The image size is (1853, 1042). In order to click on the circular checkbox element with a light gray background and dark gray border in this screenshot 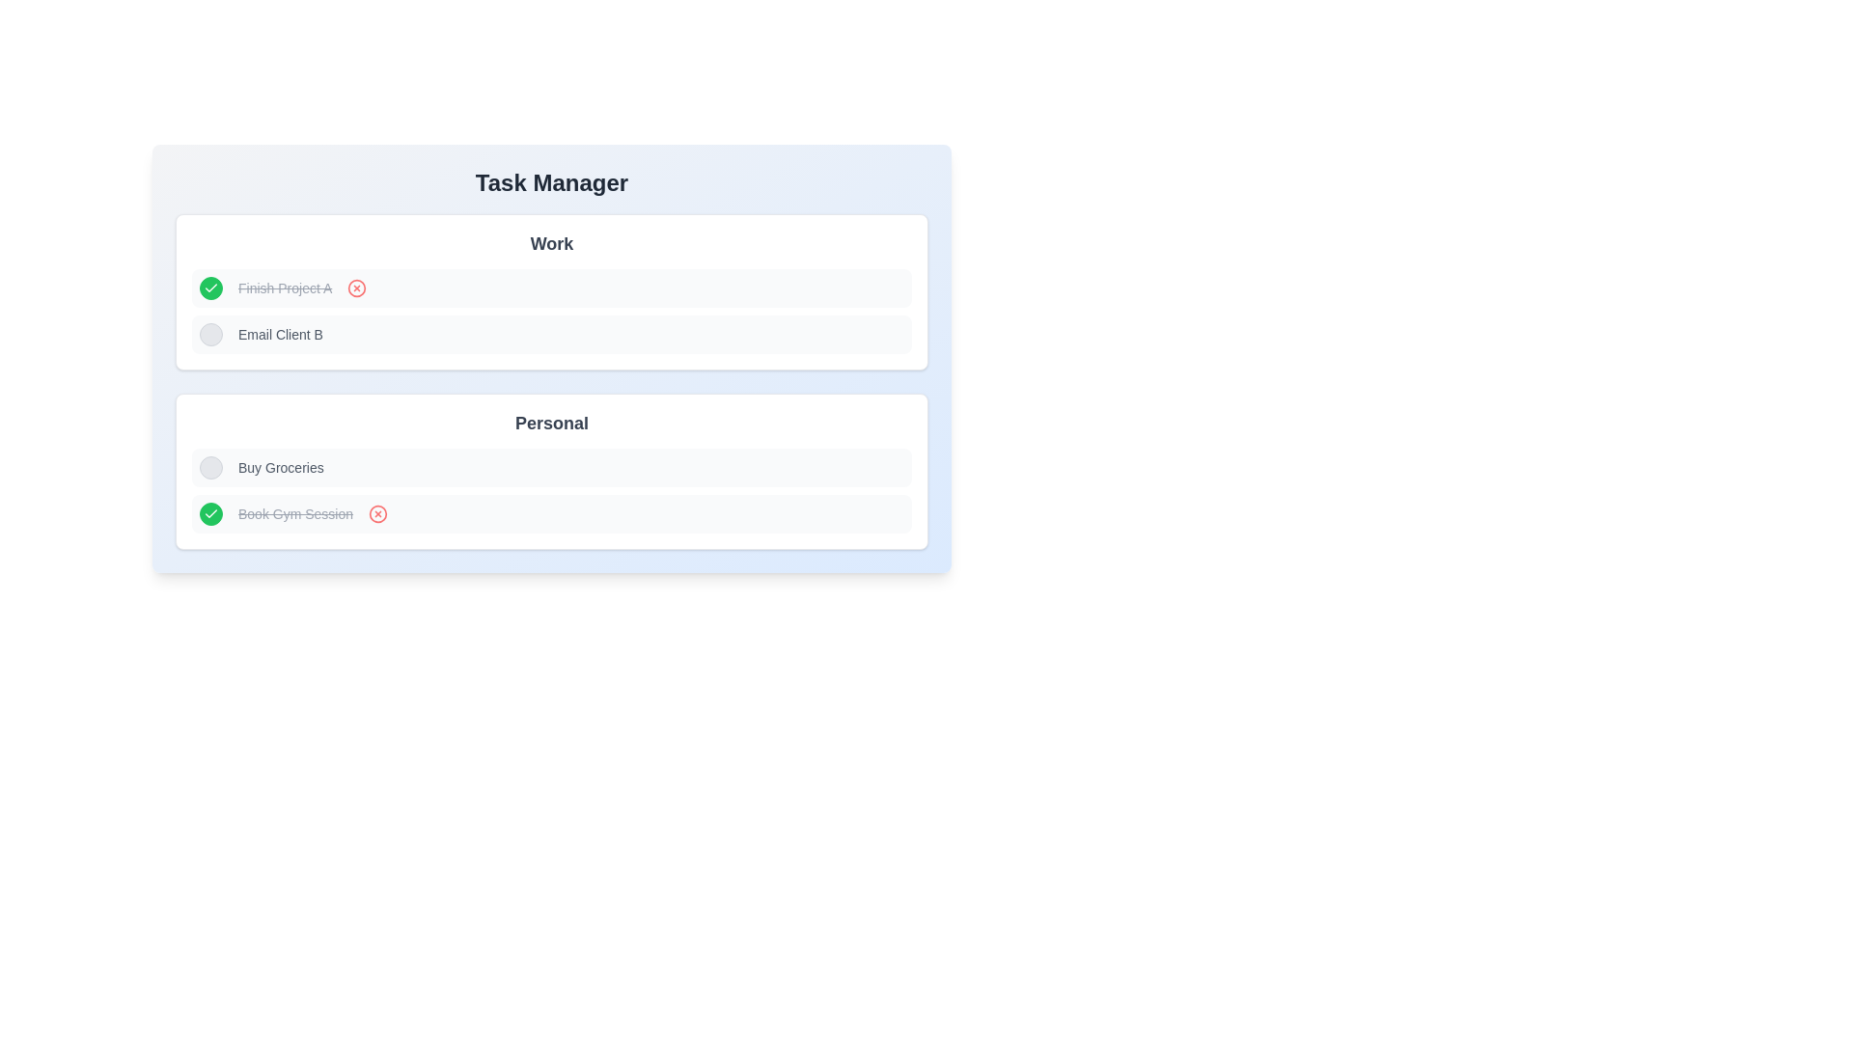, I will do `click(211, 334)`.